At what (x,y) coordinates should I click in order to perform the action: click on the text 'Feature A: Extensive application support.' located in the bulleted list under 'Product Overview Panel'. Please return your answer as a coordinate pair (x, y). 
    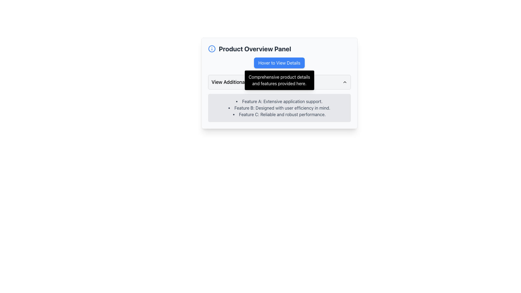
    Looking at the image, I should click on (279, 101).